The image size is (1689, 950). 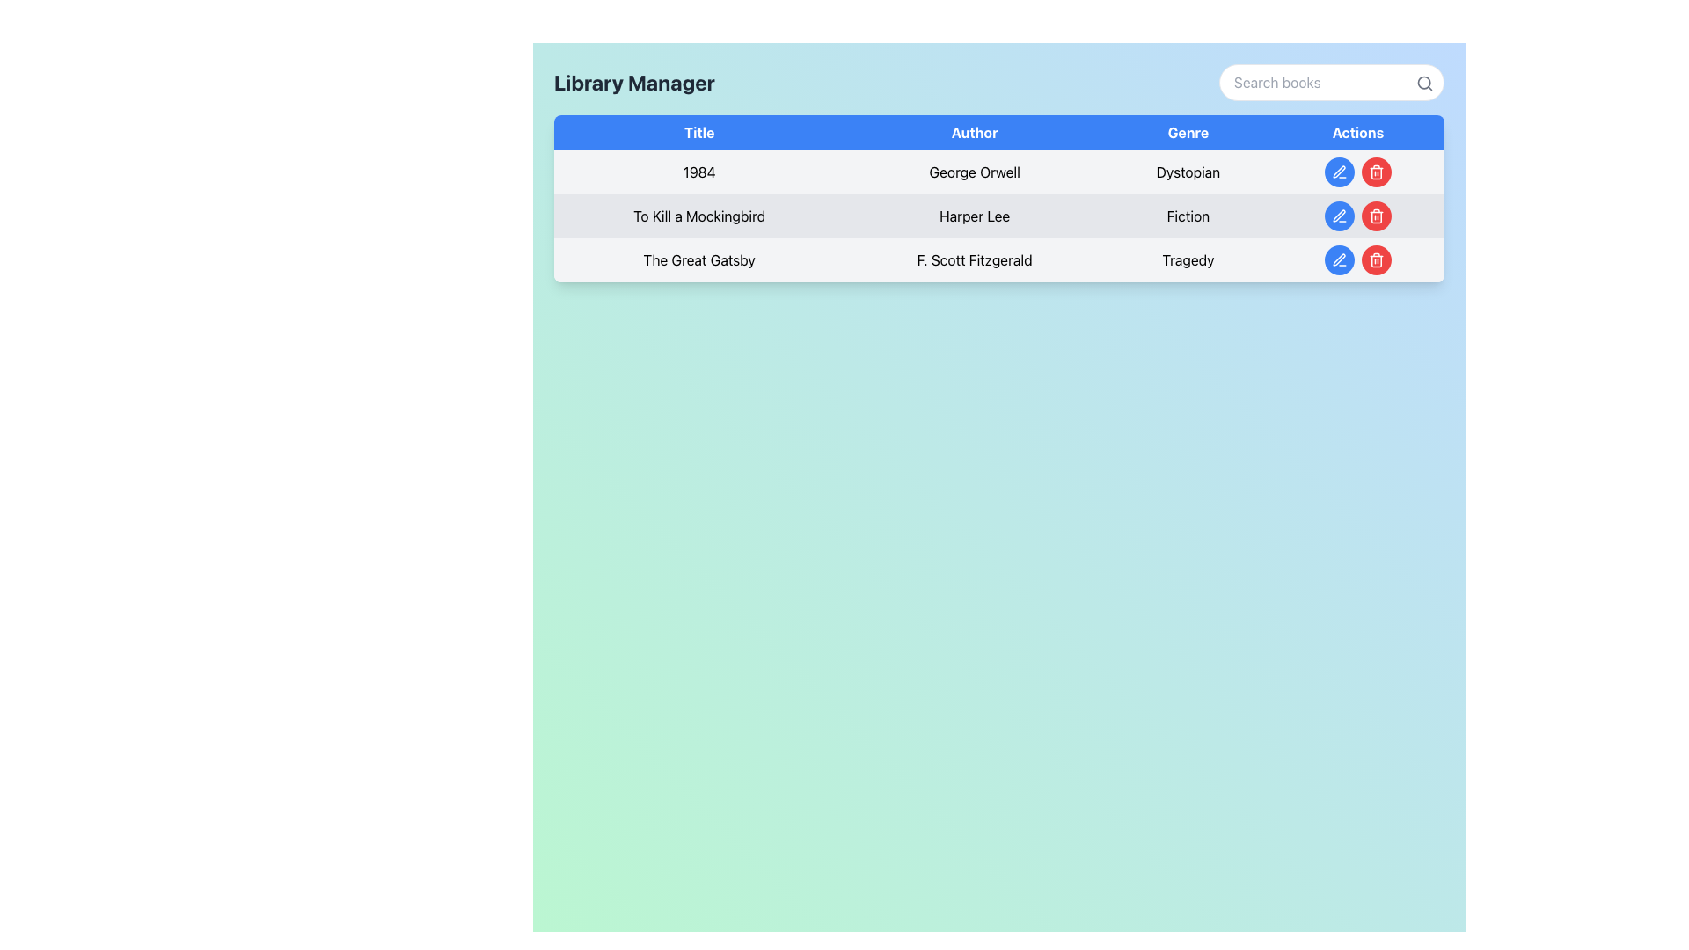 What do you see at coordinates (698, 131) in the screenshot?
I see `the 'Title' column header in the table, which is the first element in the header row` at bounding box center [698, 131].